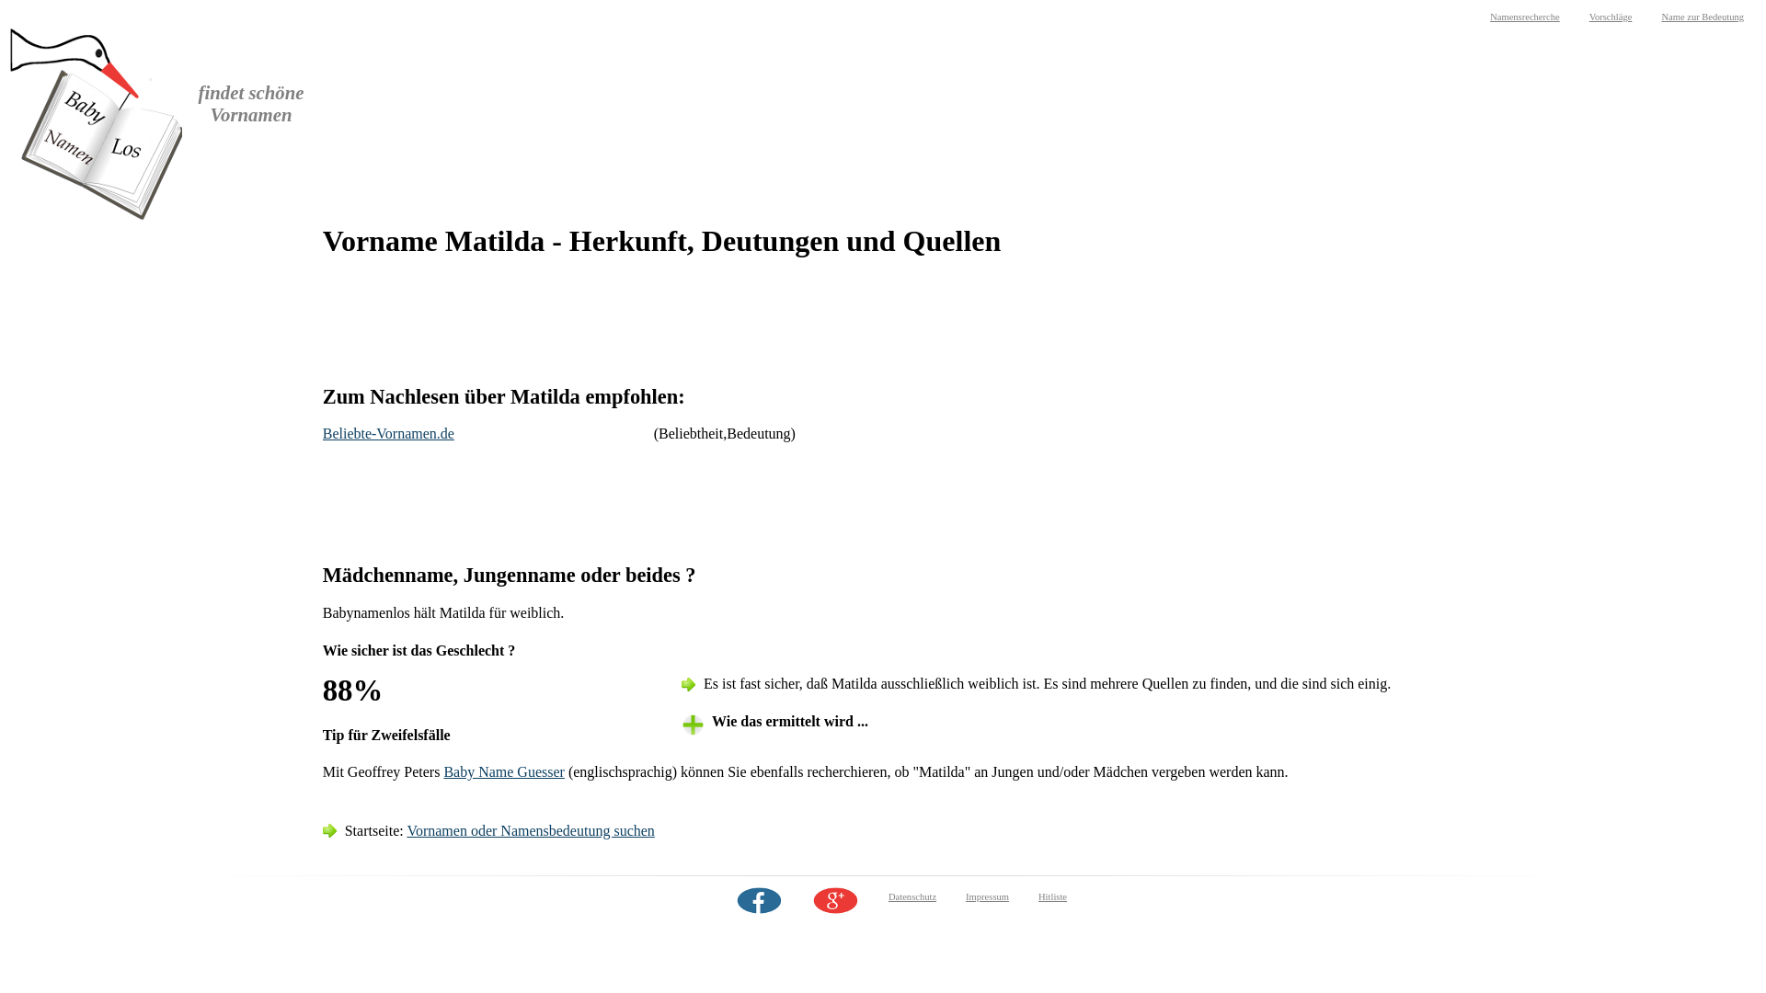  I want to click on 'Beliebte-Vornamen.de', so click(387, 433).